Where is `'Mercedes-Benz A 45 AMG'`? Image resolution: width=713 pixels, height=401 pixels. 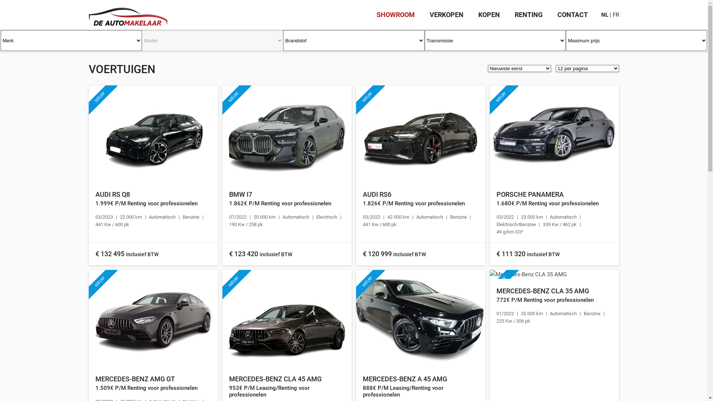
'Mercedes-Benz A 45 AMG' is located at coordinates (420, 318).